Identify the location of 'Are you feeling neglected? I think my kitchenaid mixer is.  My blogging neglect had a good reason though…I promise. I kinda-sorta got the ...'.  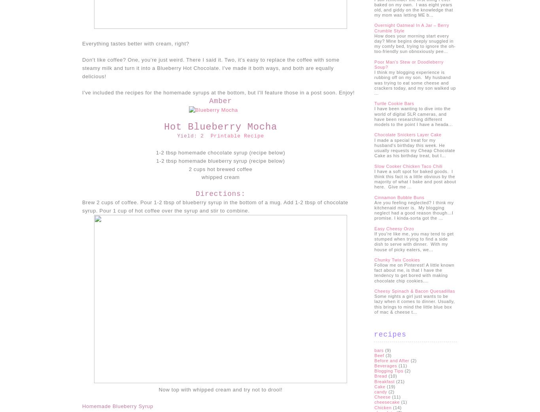
(413, 210).